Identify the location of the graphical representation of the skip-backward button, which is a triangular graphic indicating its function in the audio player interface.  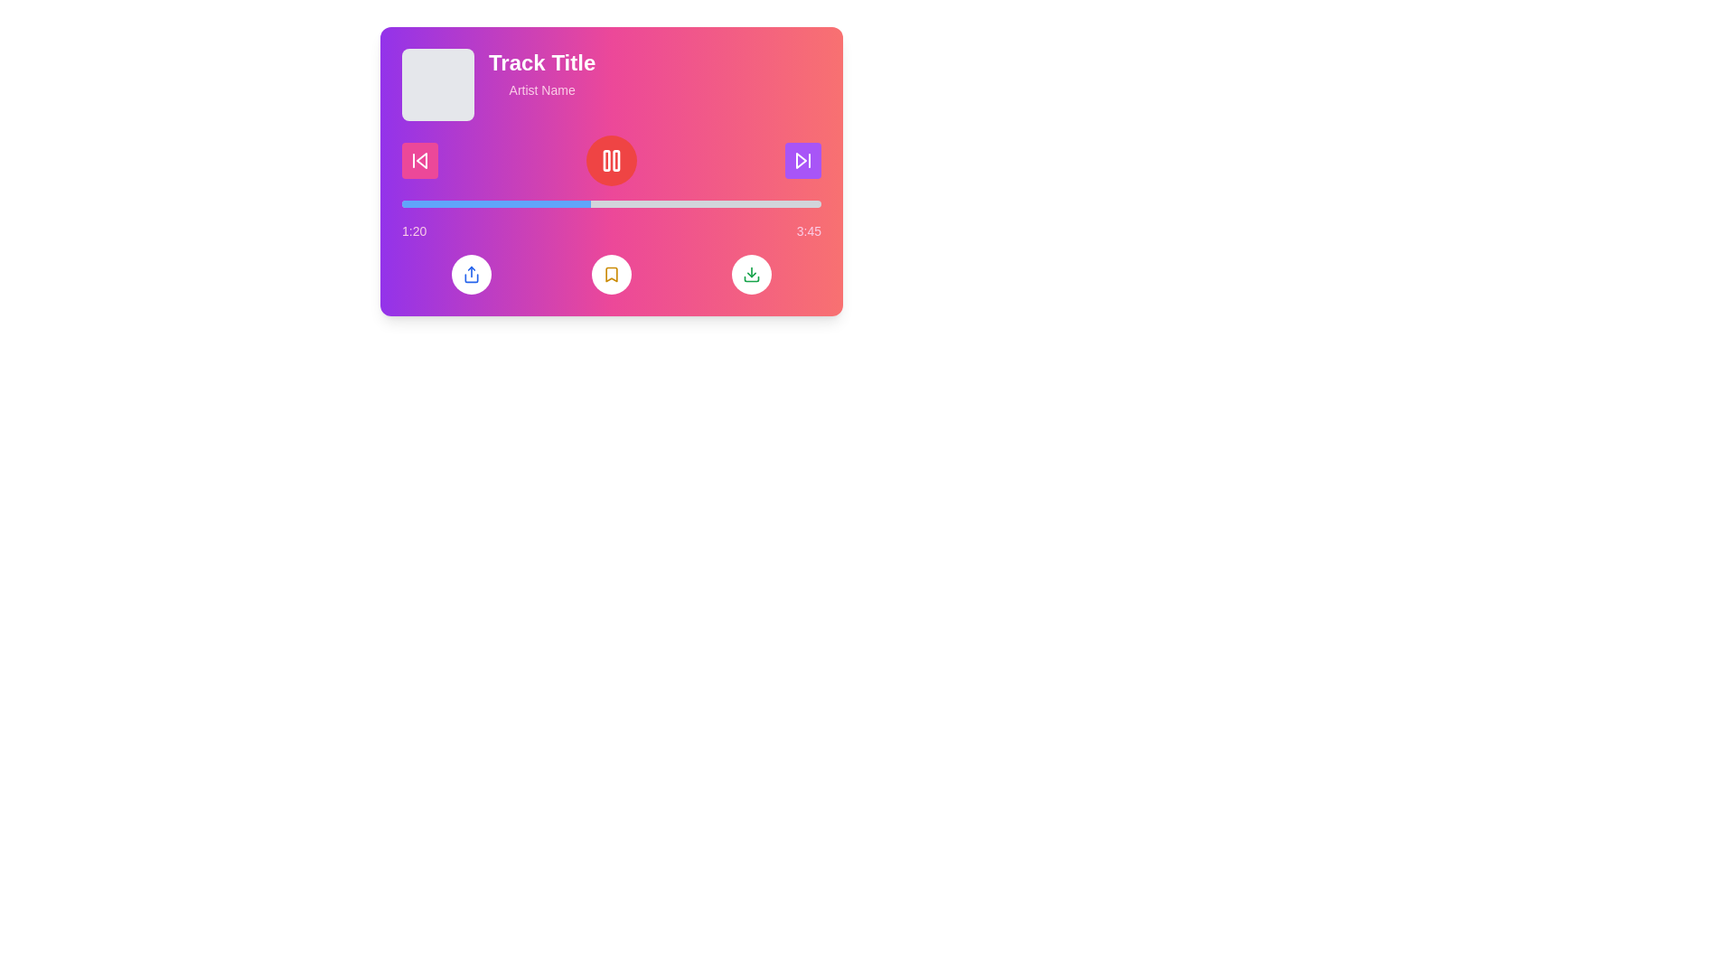
(420, 159).